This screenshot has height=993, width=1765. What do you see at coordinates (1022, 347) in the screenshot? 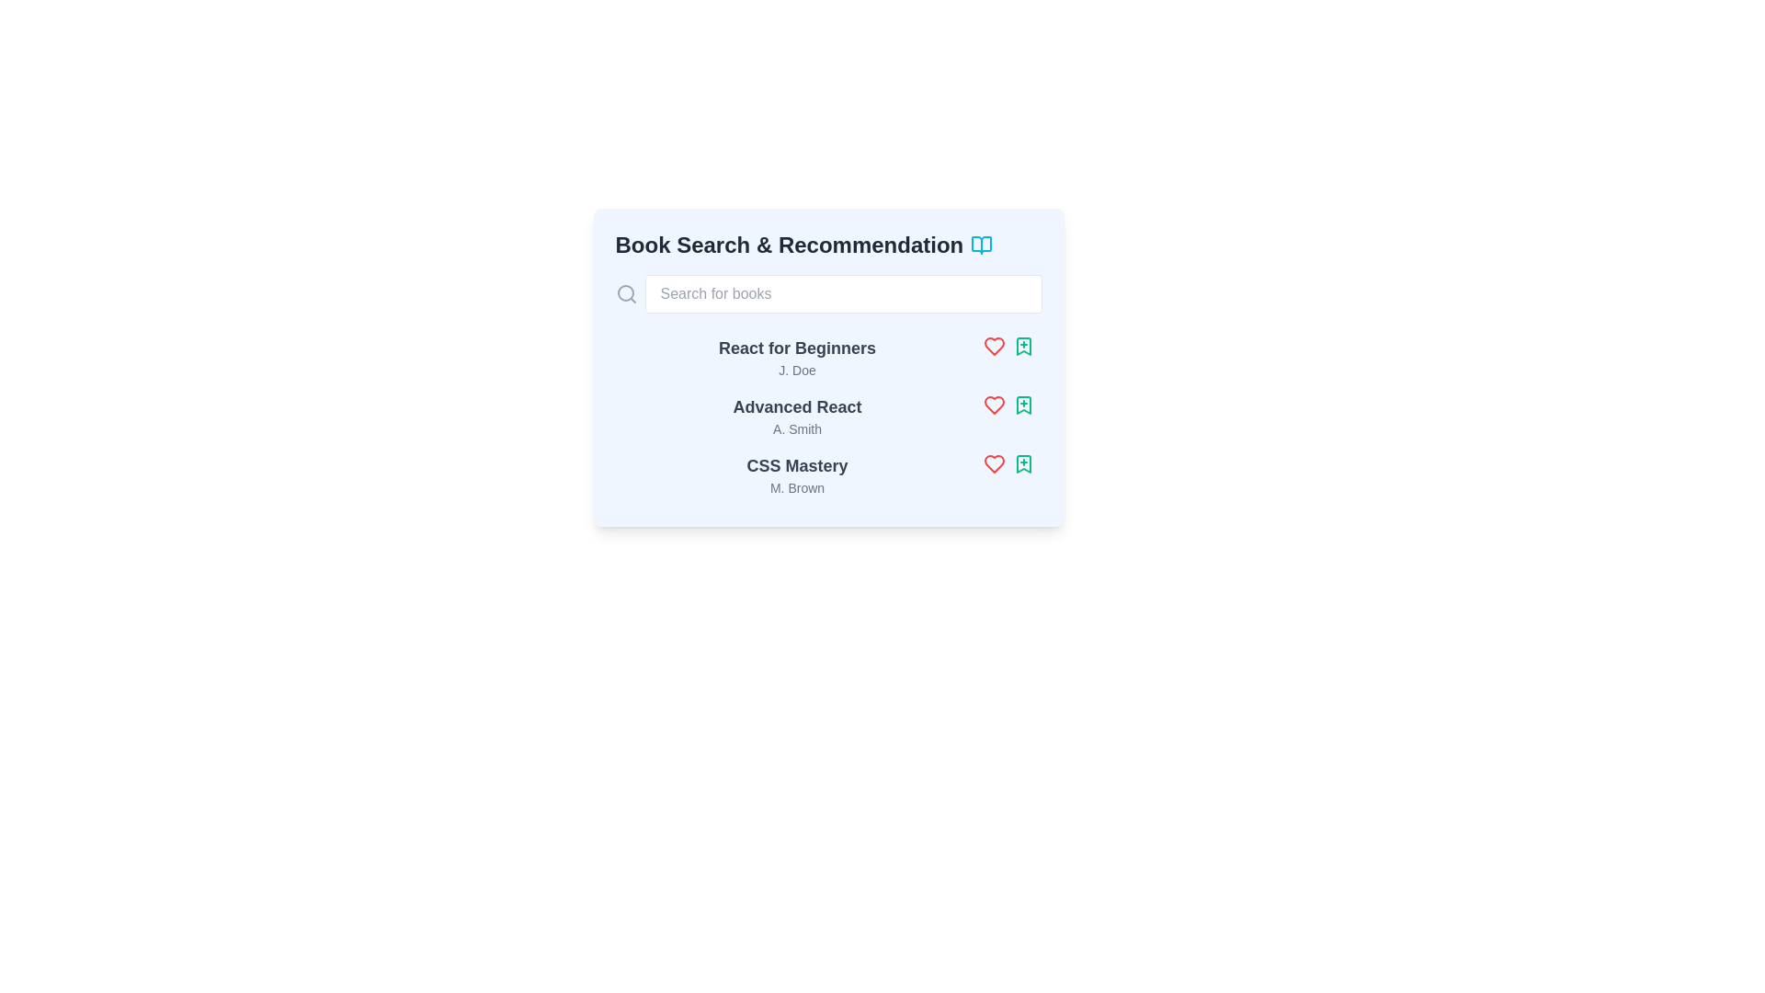
I see `the first bookmark icon located to the right of the title 'React for Beginners' in the green-colored interactive icon set` at bounding box center [1022, 347].